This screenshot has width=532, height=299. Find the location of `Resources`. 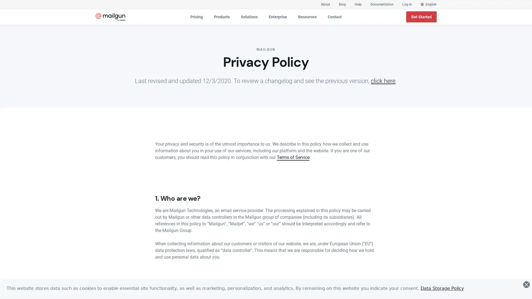

Resources is located at coordinates (307, 17).